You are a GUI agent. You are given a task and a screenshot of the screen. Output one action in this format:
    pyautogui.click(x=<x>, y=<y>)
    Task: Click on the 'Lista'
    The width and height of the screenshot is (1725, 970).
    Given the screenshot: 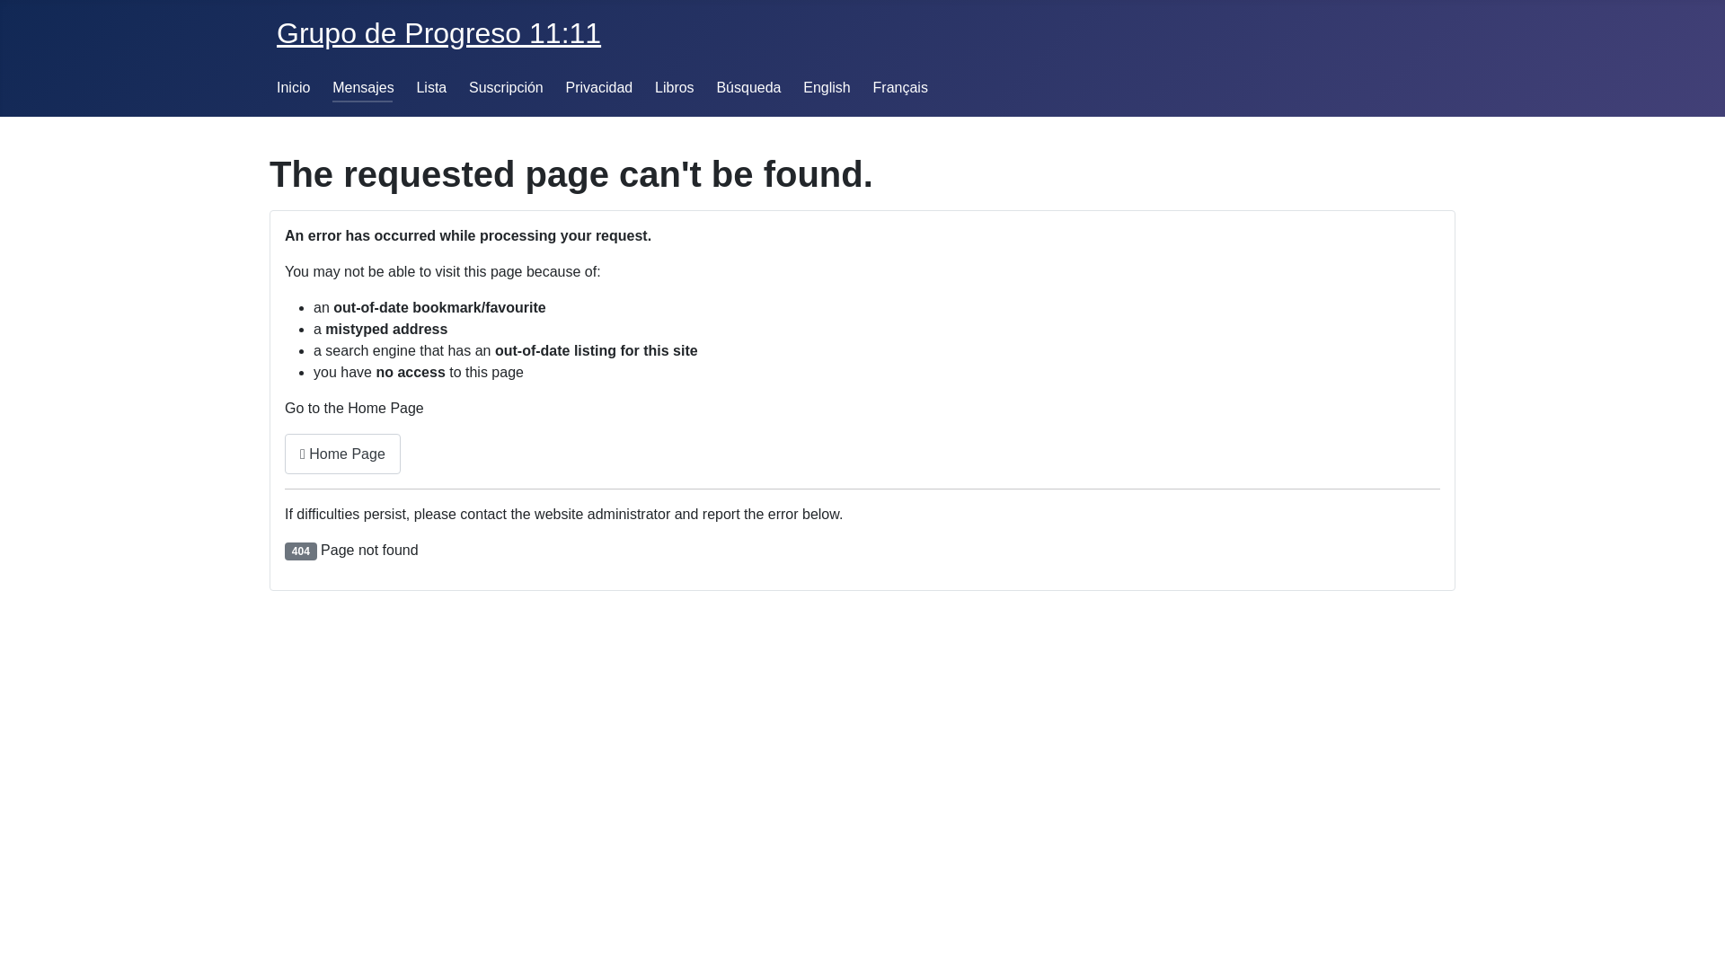 What is the action you would take?
    pyautogui.click(x=414, y=87)
    